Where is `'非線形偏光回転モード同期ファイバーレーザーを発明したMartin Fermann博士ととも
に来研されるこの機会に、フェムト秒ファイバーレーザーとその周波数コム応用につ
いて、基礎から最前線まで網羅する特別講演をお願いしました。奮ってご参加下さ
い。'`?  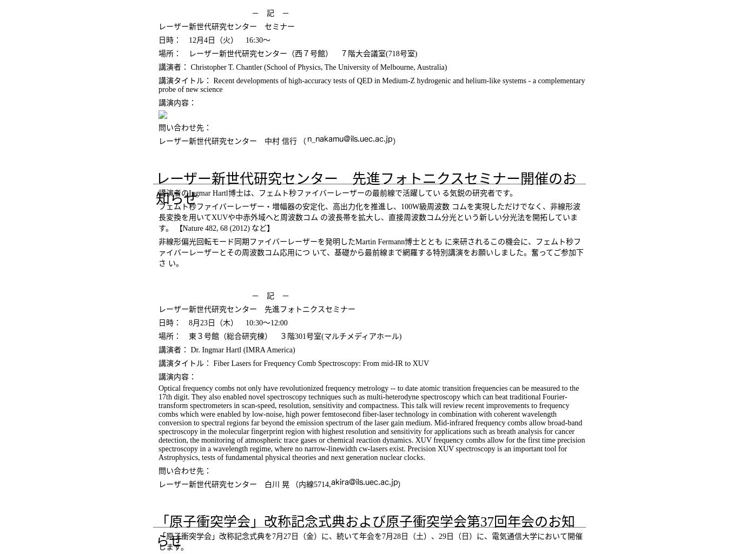
'非線形偏光回転モード同期ファイバーレーザーを発明したMartin Fermann博士ととも
に来研されるこの機会に、フェムト秒ファイバーレーザーとその周波数コム応用につ
いて、基礎から最前線まで網羅する特別講演をお願いしました。奮ってご参加下さ
い。' is located at coordinates (371, 252).